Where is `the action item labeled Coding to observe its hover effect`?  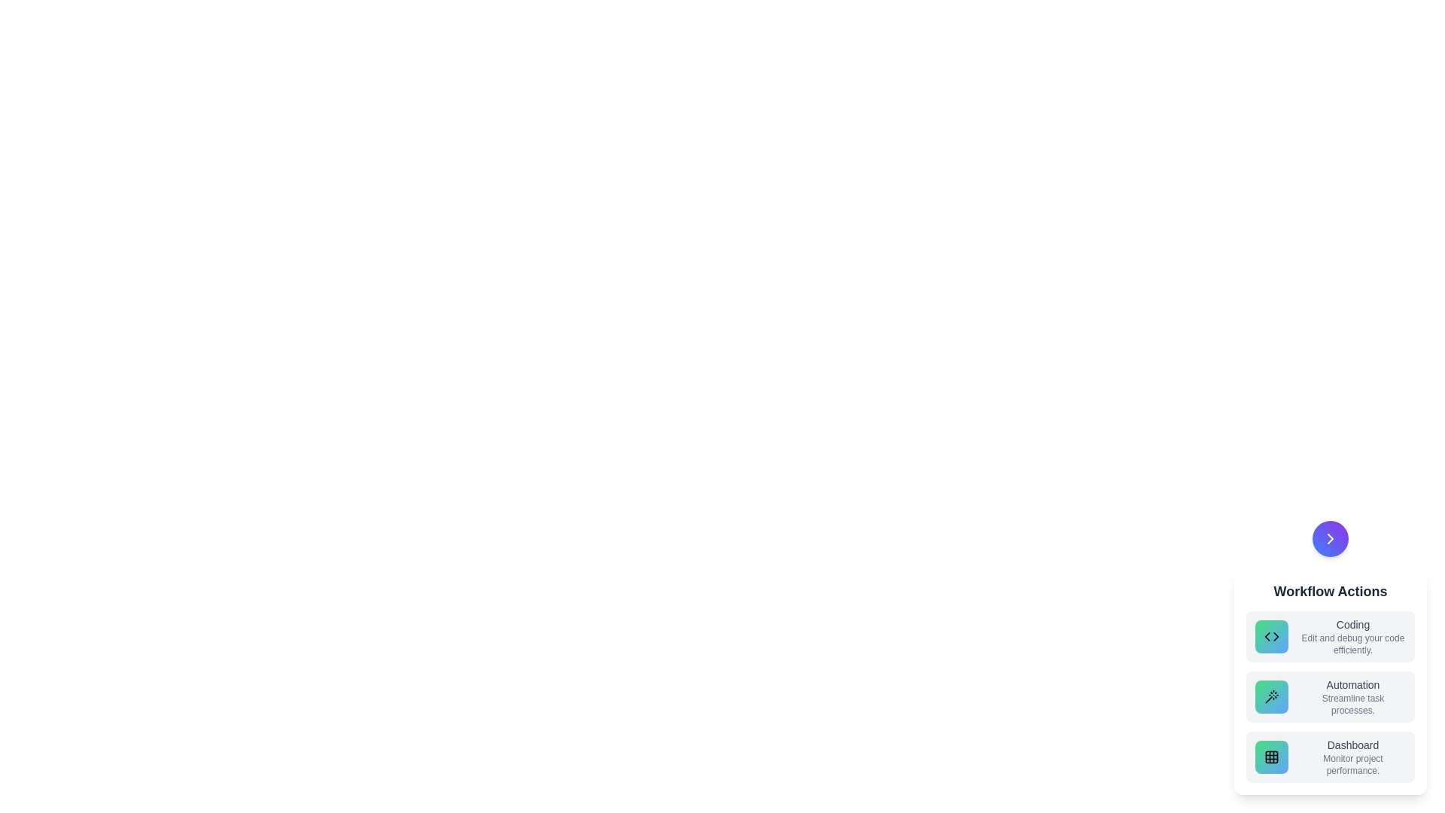 the action item labeled Coding to observe its hover effect is located at coordinates (1330, 636).